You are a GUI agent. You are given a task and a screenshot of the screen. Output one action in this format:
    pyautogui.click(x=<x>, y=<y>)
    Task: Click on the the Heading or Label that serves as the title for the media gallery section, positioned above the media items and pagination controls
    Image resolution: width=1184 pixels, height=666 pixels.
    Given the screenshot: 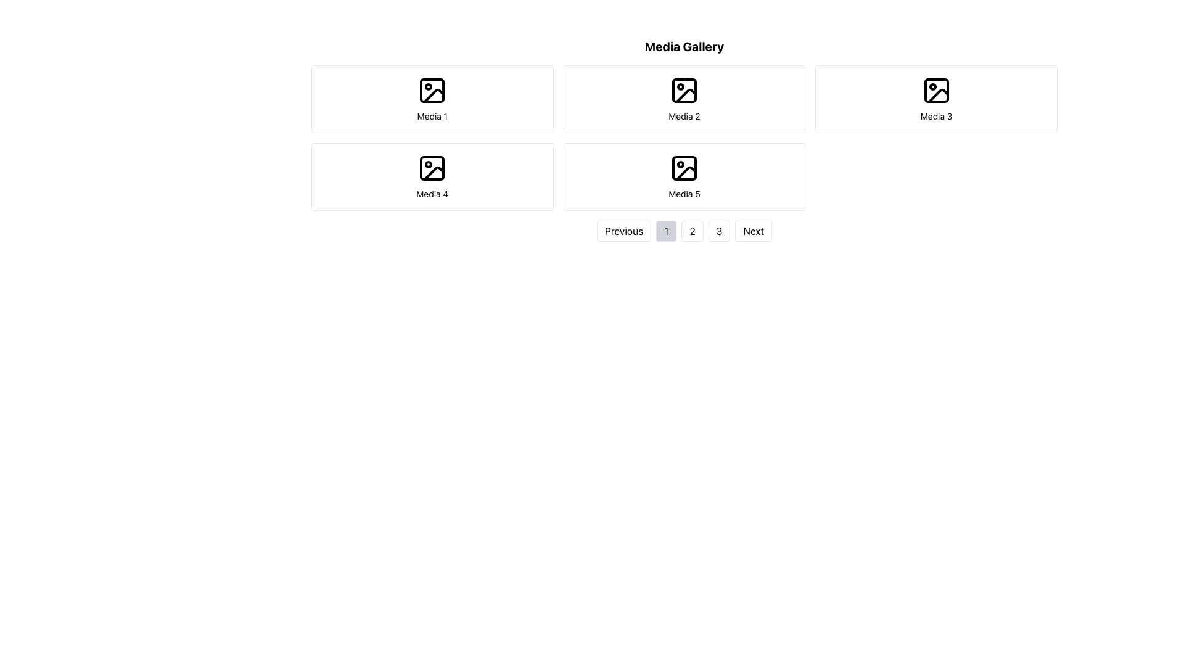 What is the action you would take?
    pyautogui.click(x=683, y=46)
    